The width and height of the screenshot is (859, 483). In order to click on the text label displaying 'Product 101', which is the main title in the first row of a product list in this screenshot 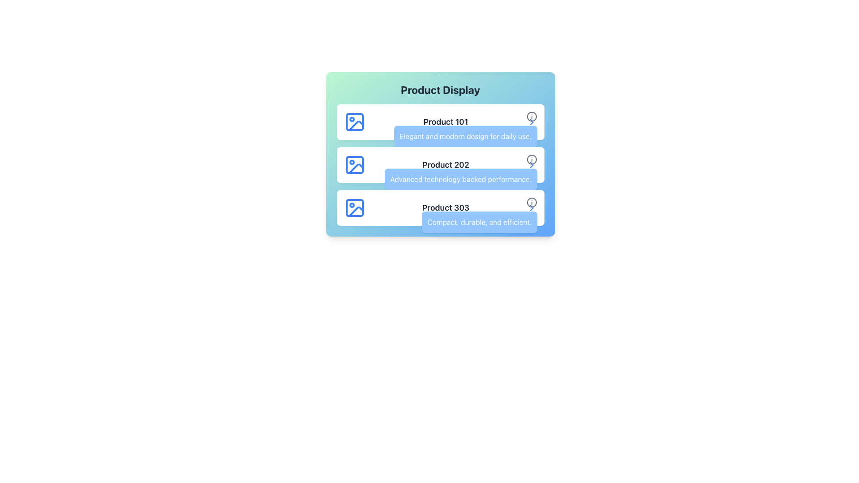, I will do `click(446, 122)`.